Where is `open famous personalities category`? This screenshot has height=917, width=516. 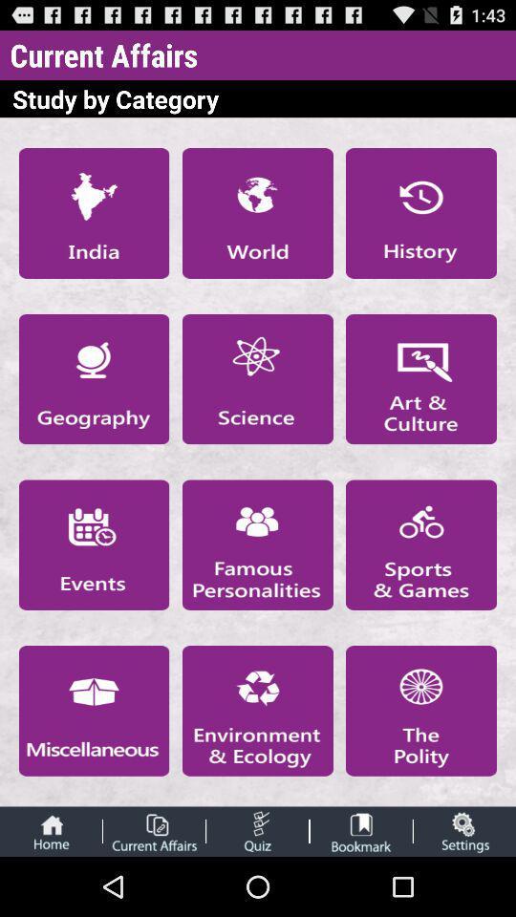 open famous personalities category is located at coordinates (257, 544).